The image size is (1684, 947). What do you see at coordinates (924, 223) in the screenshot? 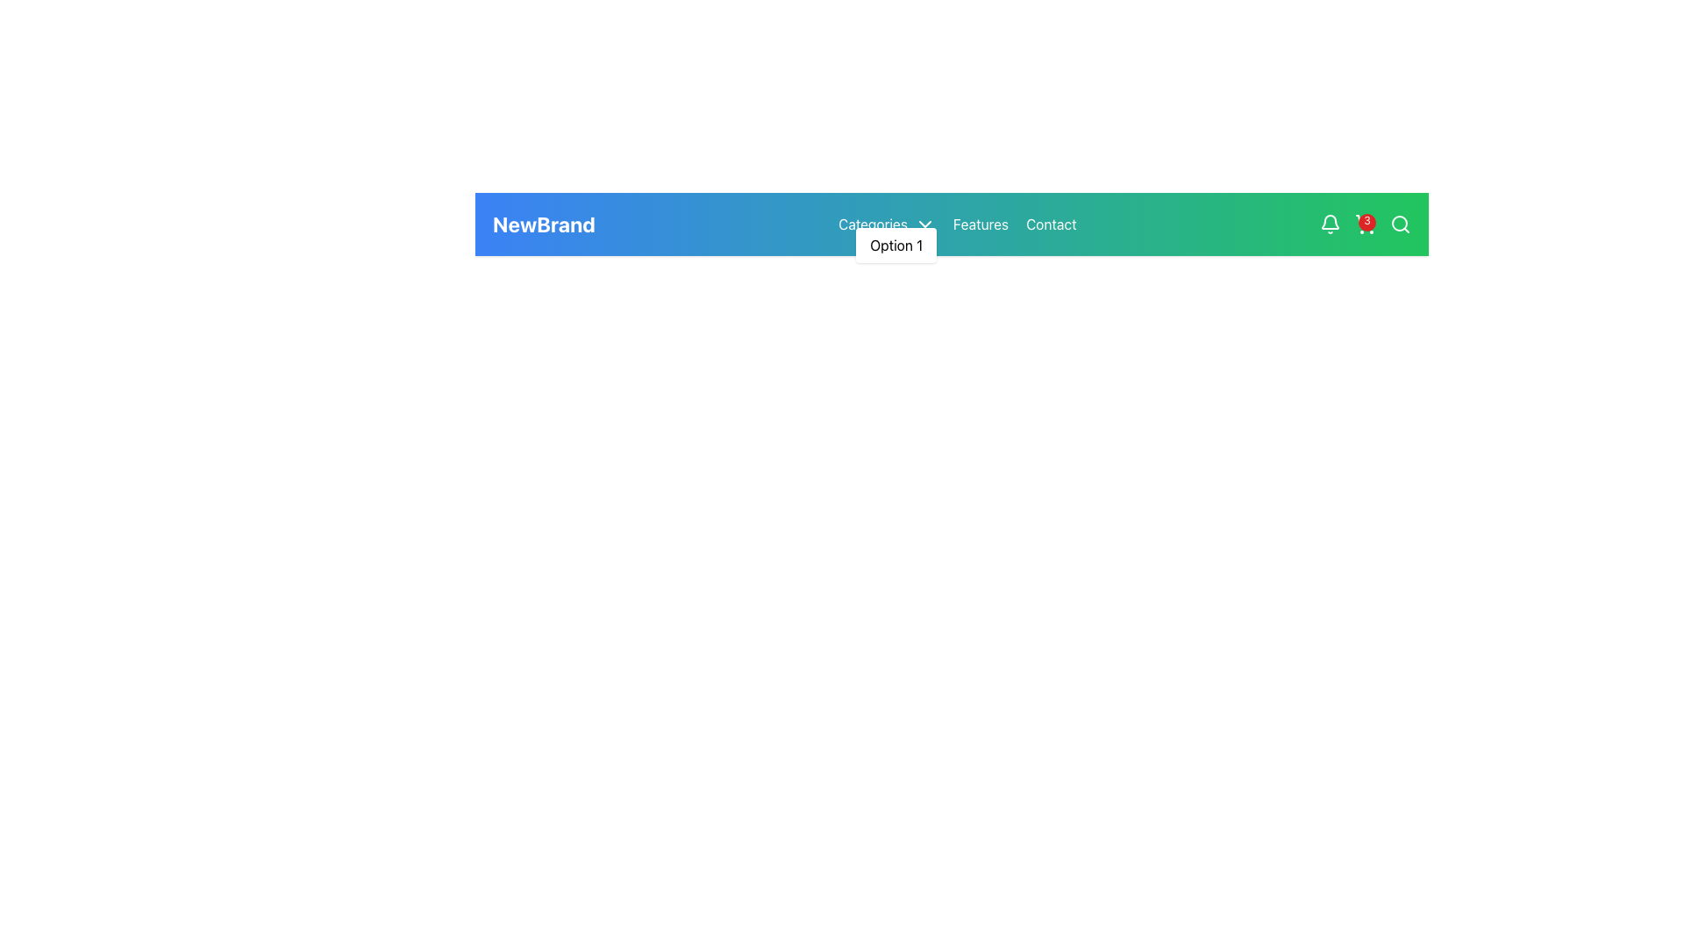
I see `the Dropdown Trigger Icon located to the right of the 'Categories' text` at bounding box center [924, 223].